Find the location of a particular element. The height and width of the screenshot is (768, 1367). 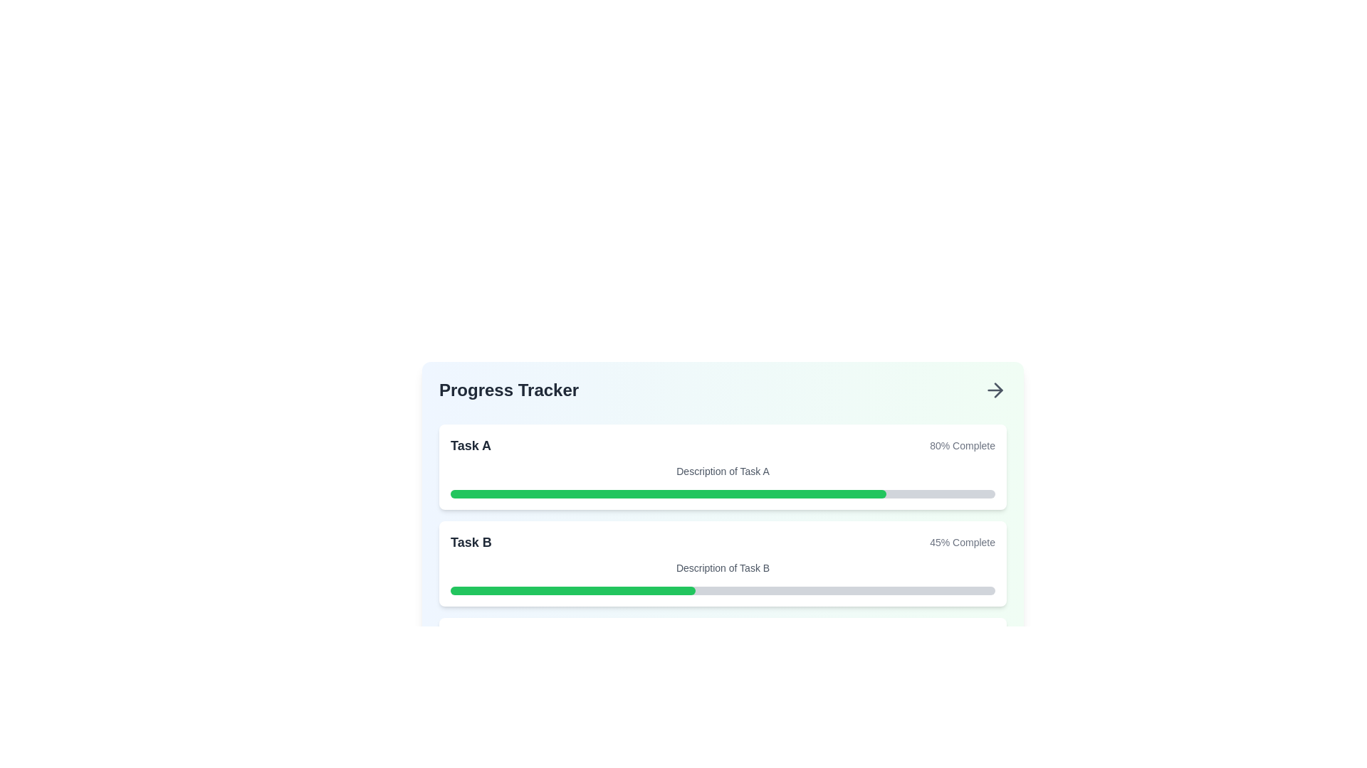

the static text label displaying '80% Complete', which indicates the status of 'Task A' is located at coordinates (963, 445).